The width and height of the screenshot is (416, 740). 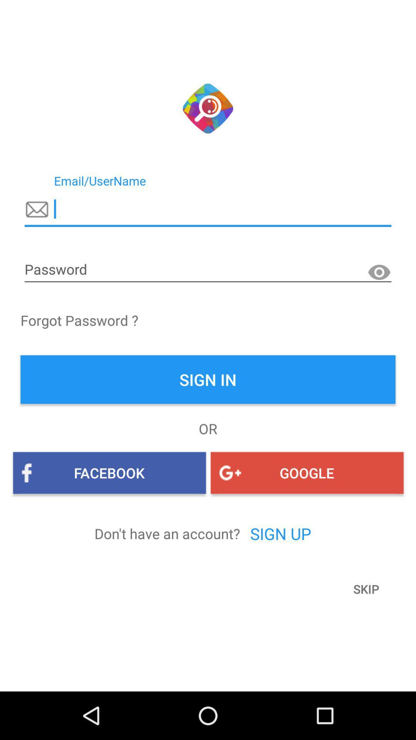 I want to click on password option, so click(x=208, y=270).